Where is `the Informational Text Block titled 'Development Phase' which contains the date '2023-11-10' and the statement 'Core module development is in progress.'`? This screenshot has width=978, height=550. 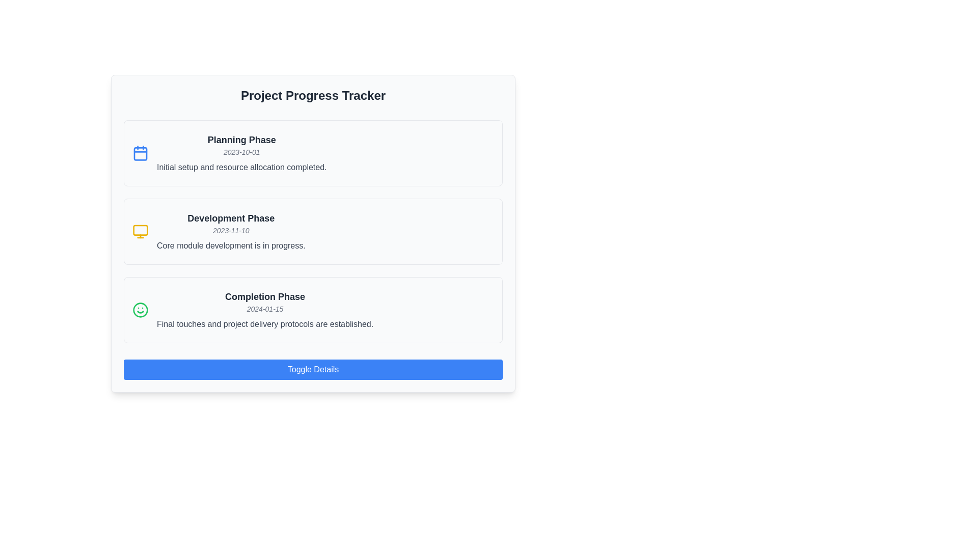
the Informational Text Block titled 'Development Phase' which contains the date '2023-11-10' and the statement 'Core module development is in progress.' is located at coordinates (230, 232).